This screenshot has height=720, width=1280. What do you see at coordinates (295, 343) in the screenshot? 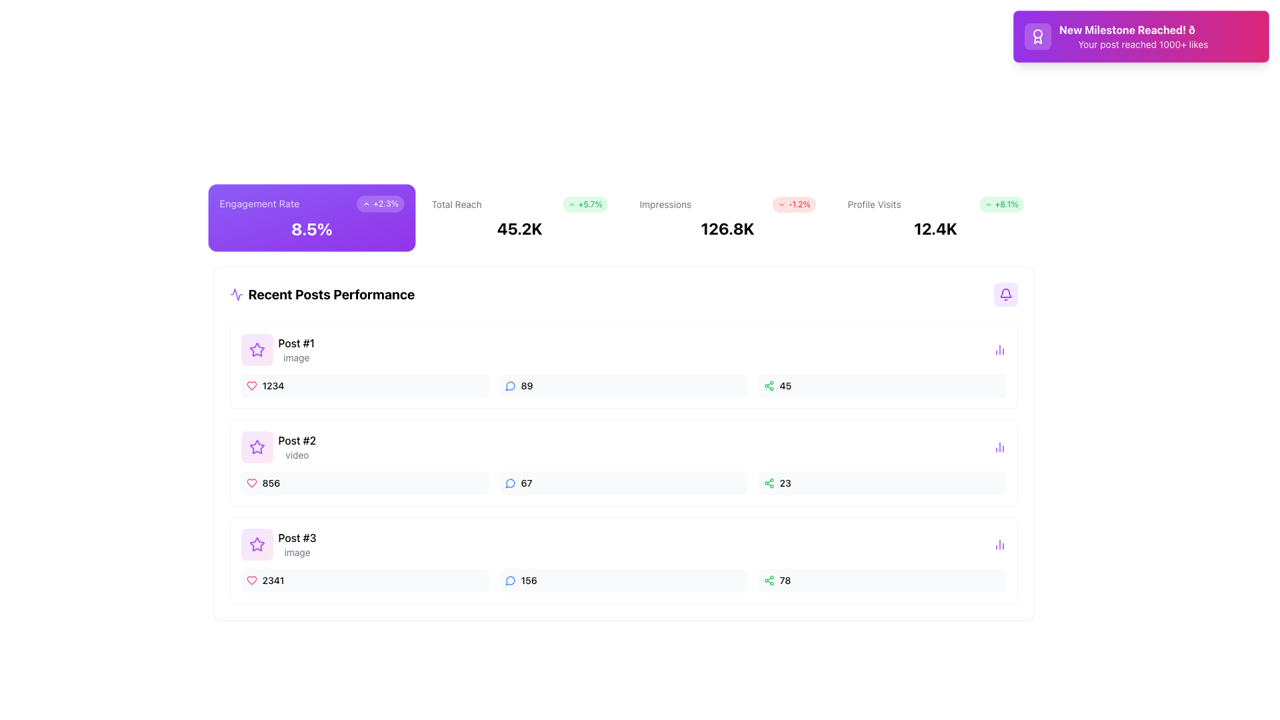
I see `the Text label that serves as the title or identifier for the post located at the top of the first post item in the 'Recent Posts Performance' section` at bounding box center [295, 343].